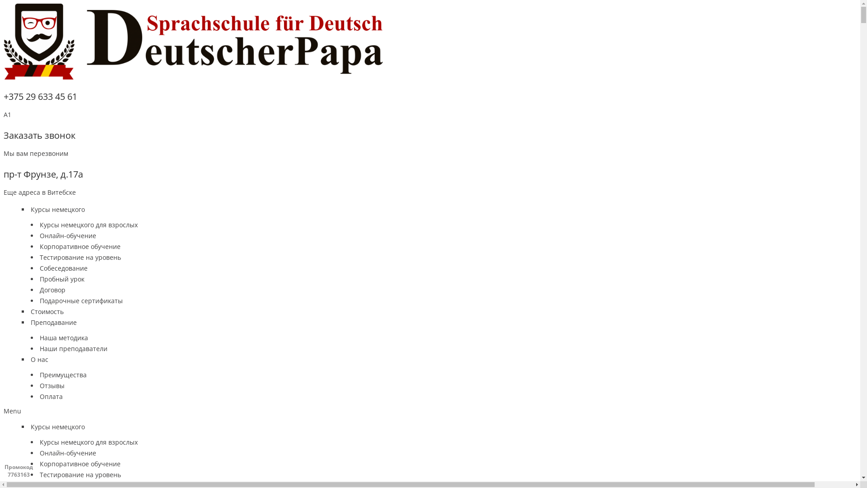 The image size is (867, 488). What do you see at coordinates (40, 96) in the screenshot?
I see `'+375 29 633 45 61'` at bounding box center [40, 96].